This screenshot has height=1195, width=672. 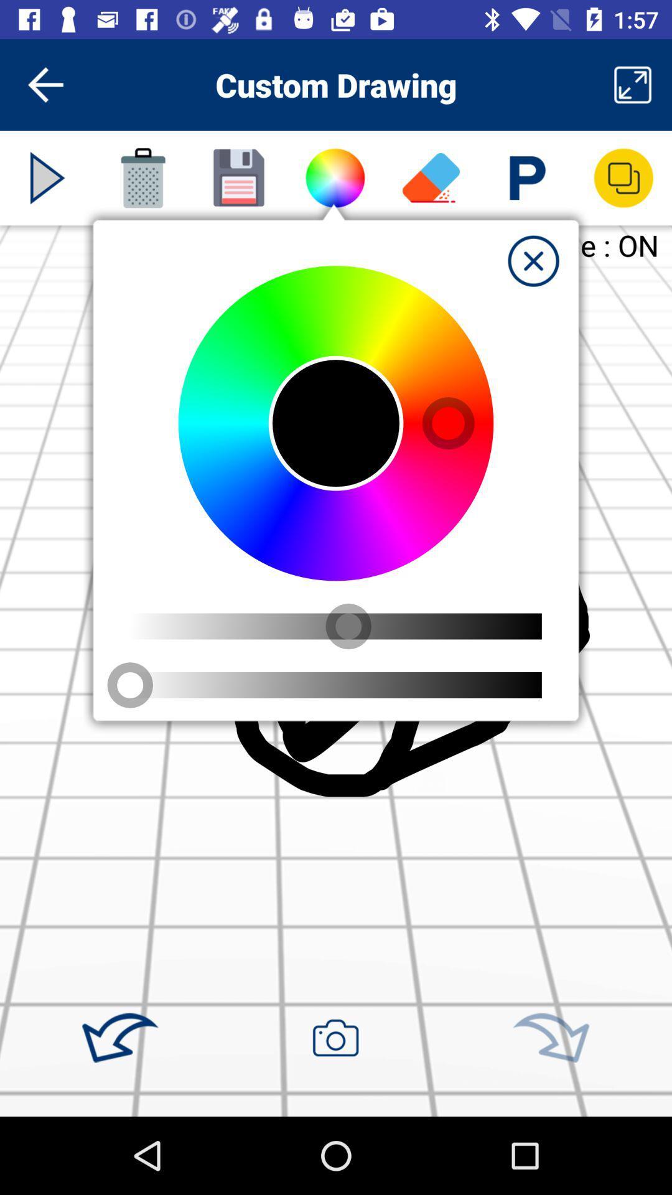 I want to click on button, so click(x=533, y=260).